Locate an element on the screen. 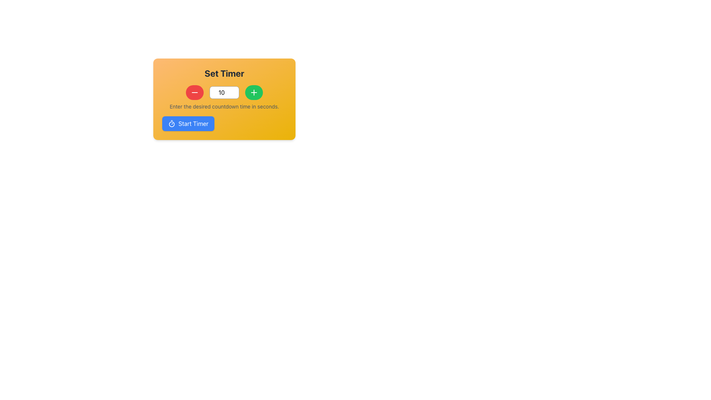 The width and height of the screenshot is (711, 400). the increment button located in the top-right section of the interface, within the orange-yellow card is located at coordinates (254, 92).